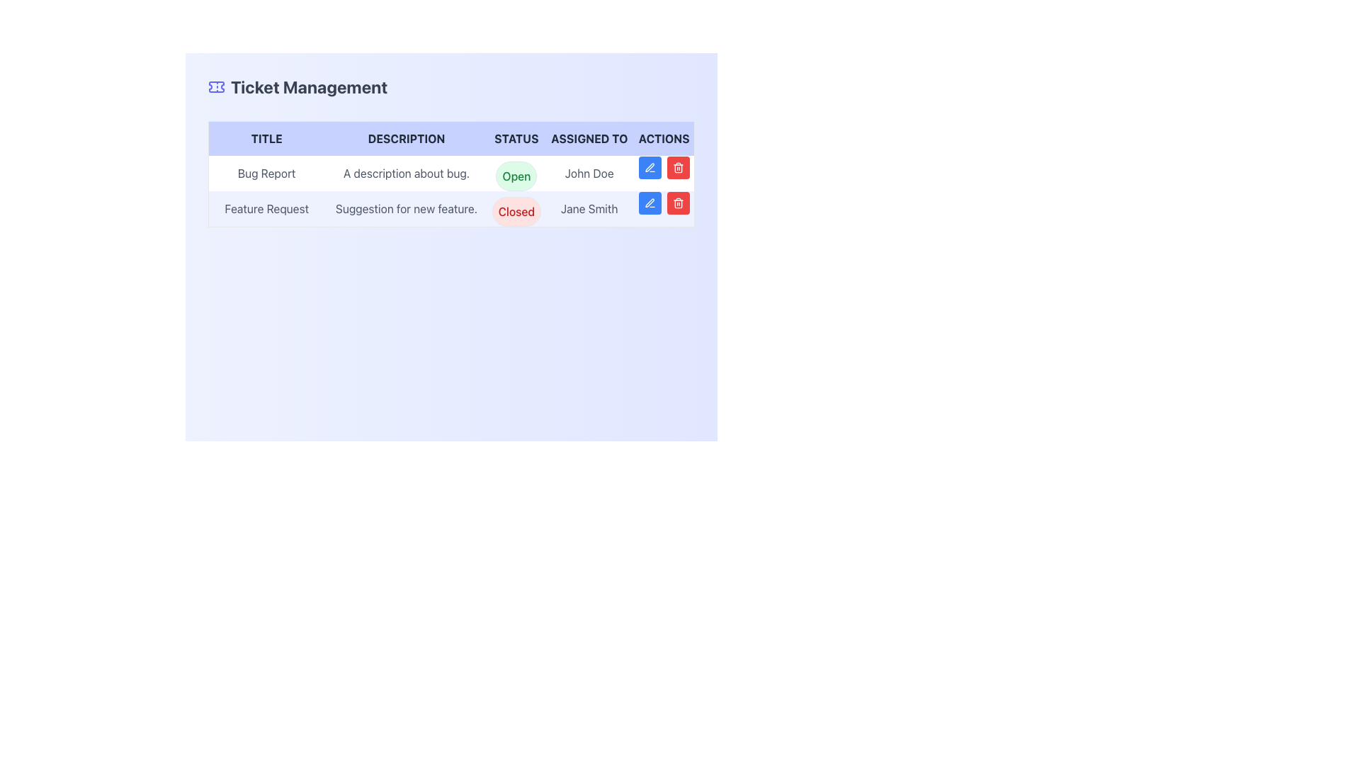 Image resolution: width=1360 pixels, height=765 pixels. I want to click on the Status pill labeled 'Closed' which is a pill-shaped label with a light red background and rounded edges, located in the second row of the table under the 'STATUS' column, so click(516, 211).